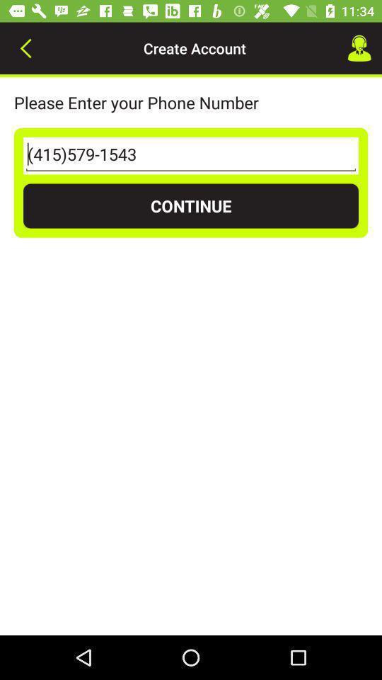 The width and height of the screenshot is (382, 680). I want to click on item to the right of the create account icon, so click(359, 48).